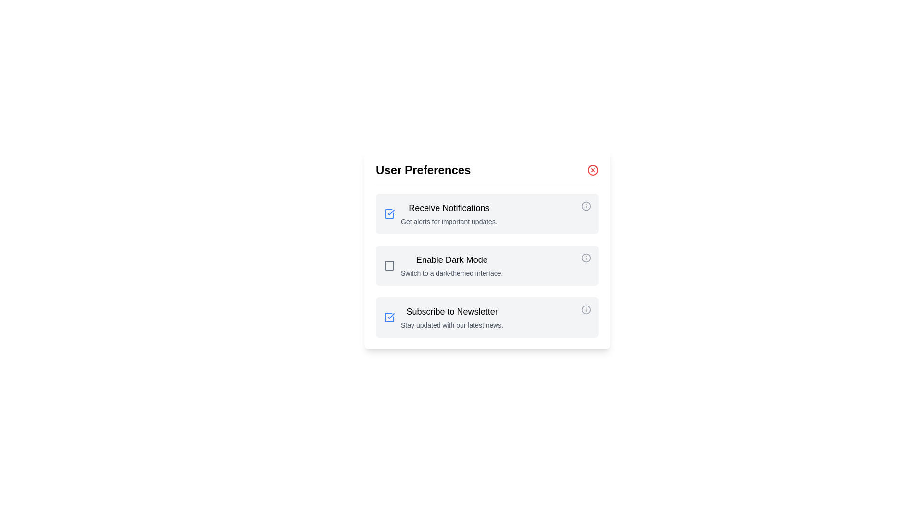  Describe the element at coordinates (451, 266) in the screenshot. I see `'Enable Dark Mode' text label that provides information about switching to a dark-themed interface` at that location.